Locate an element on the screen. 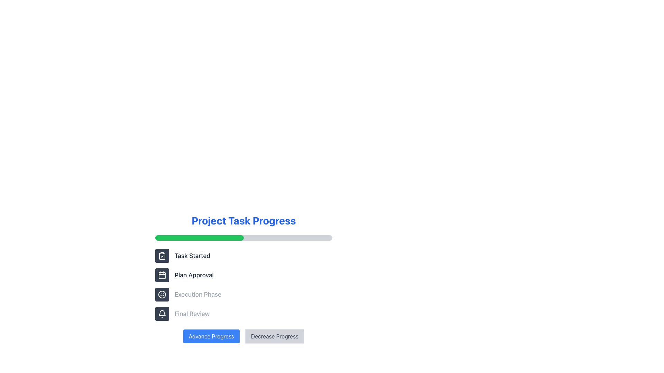 Image resolution: width=664 pixels, height=373 pixels. the text label indicating the starting phase of the project task, which is the first element in the vertical list on the left side of the interface is located at coordinates (192, 256).